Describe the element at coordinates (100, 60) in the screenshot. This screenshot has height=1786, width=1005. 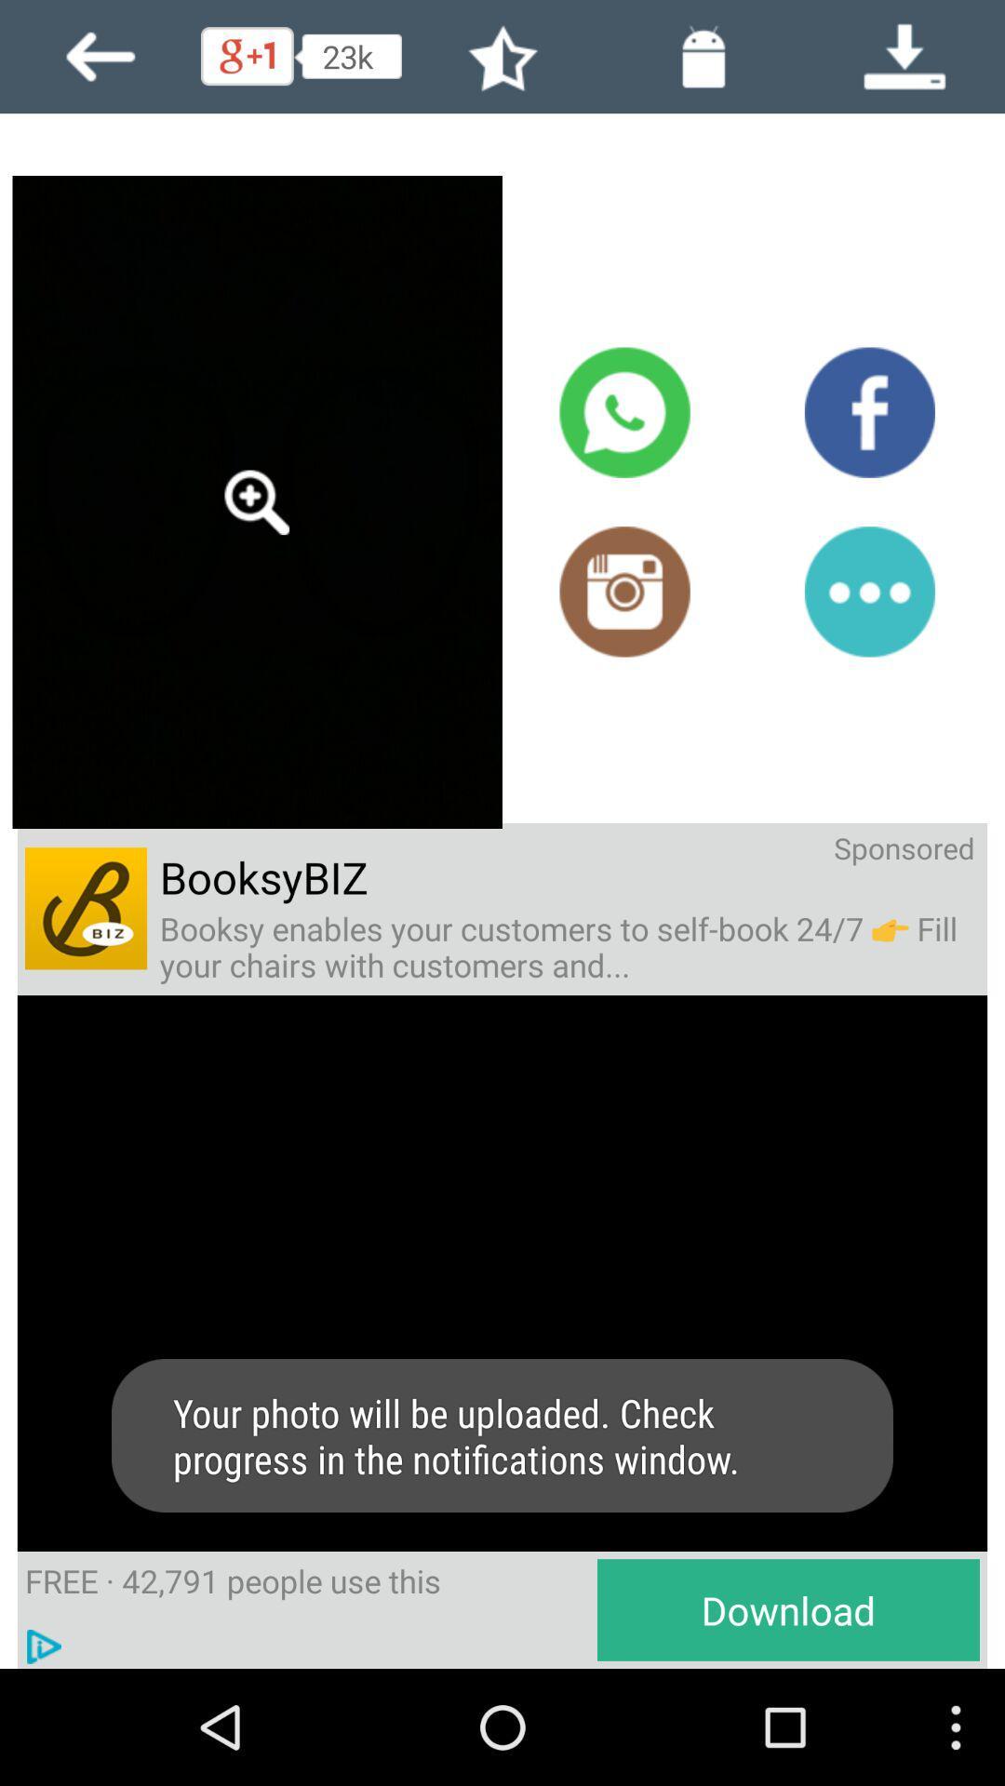
I see `the arrow_backward icon` at that location.